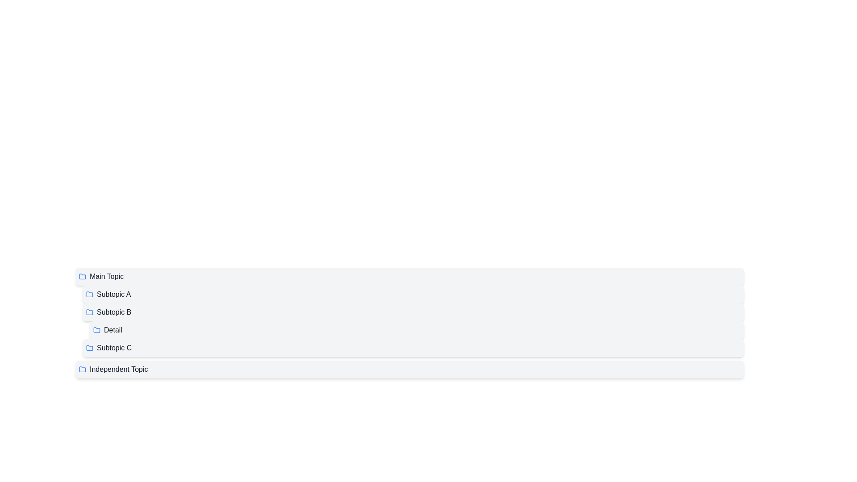 The width and height of the screenshot is (857, 482). What do you see at coordinates (113, 312) in the screenshot?
I see `the text label displaying 'Subtopic B', which is aligned next to a blue folder icon in the horizontal row of the third item under 'Main Topic'` at bounding box center [113, 312].